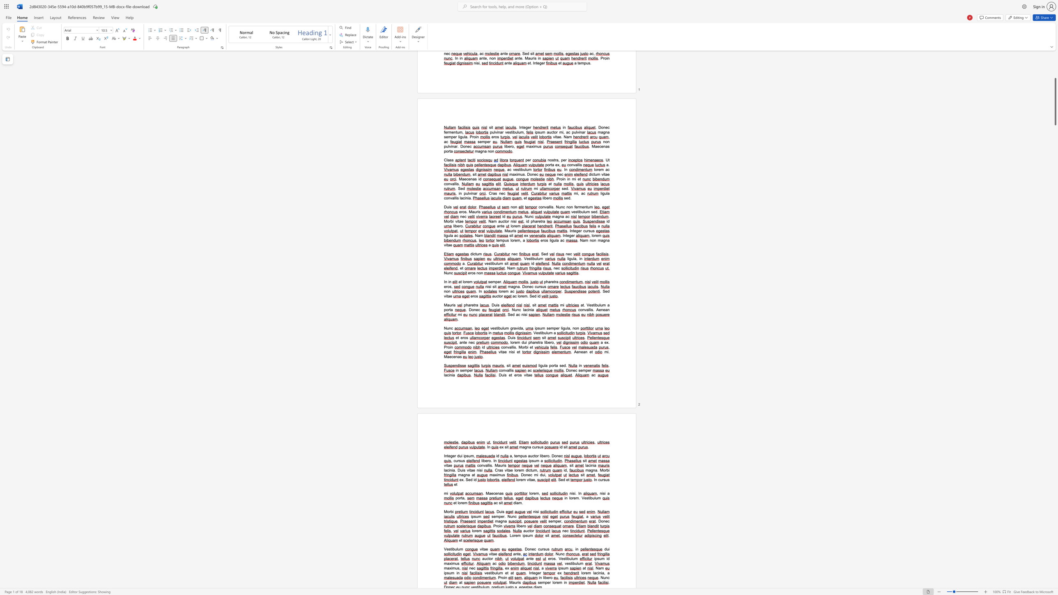 Image resolution: width=1058 pixels, height=595 pixels. Describe the element at coordinates (598, 498) in the screenshot. I see `the 2th character "m" in the text` at that location.